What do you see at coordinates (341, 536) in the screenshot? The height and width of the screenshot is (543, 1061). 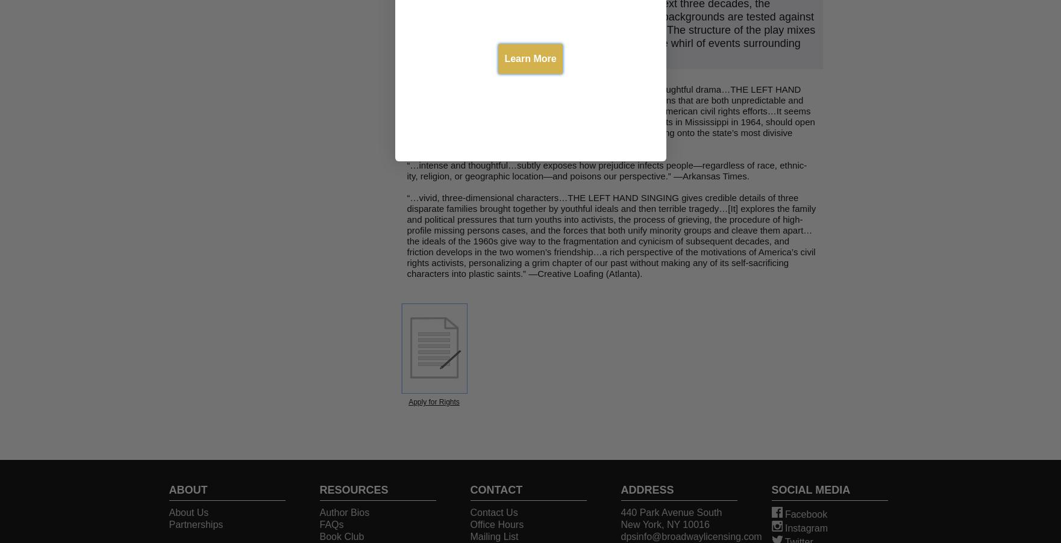 I see `'Book Club'` at bounding box center [341, 536].